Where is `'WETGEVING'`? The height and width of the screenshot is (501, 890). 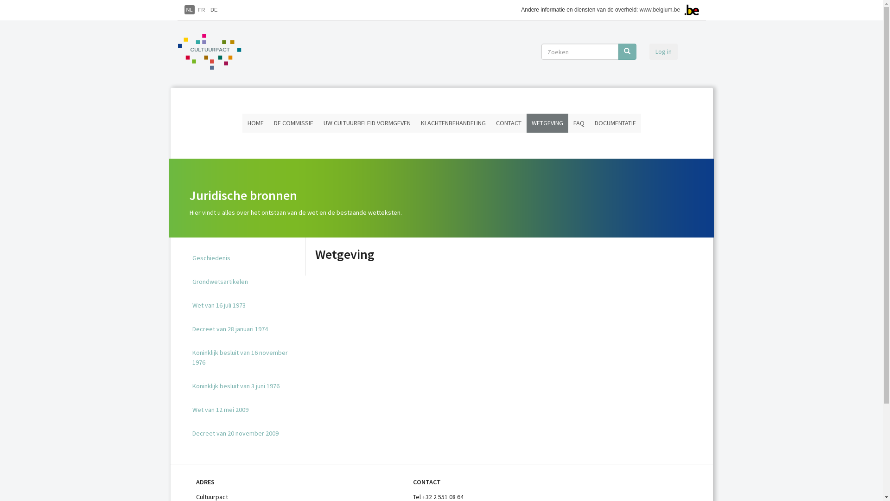
'WETGEVING' is located at coordinates (527, 122).